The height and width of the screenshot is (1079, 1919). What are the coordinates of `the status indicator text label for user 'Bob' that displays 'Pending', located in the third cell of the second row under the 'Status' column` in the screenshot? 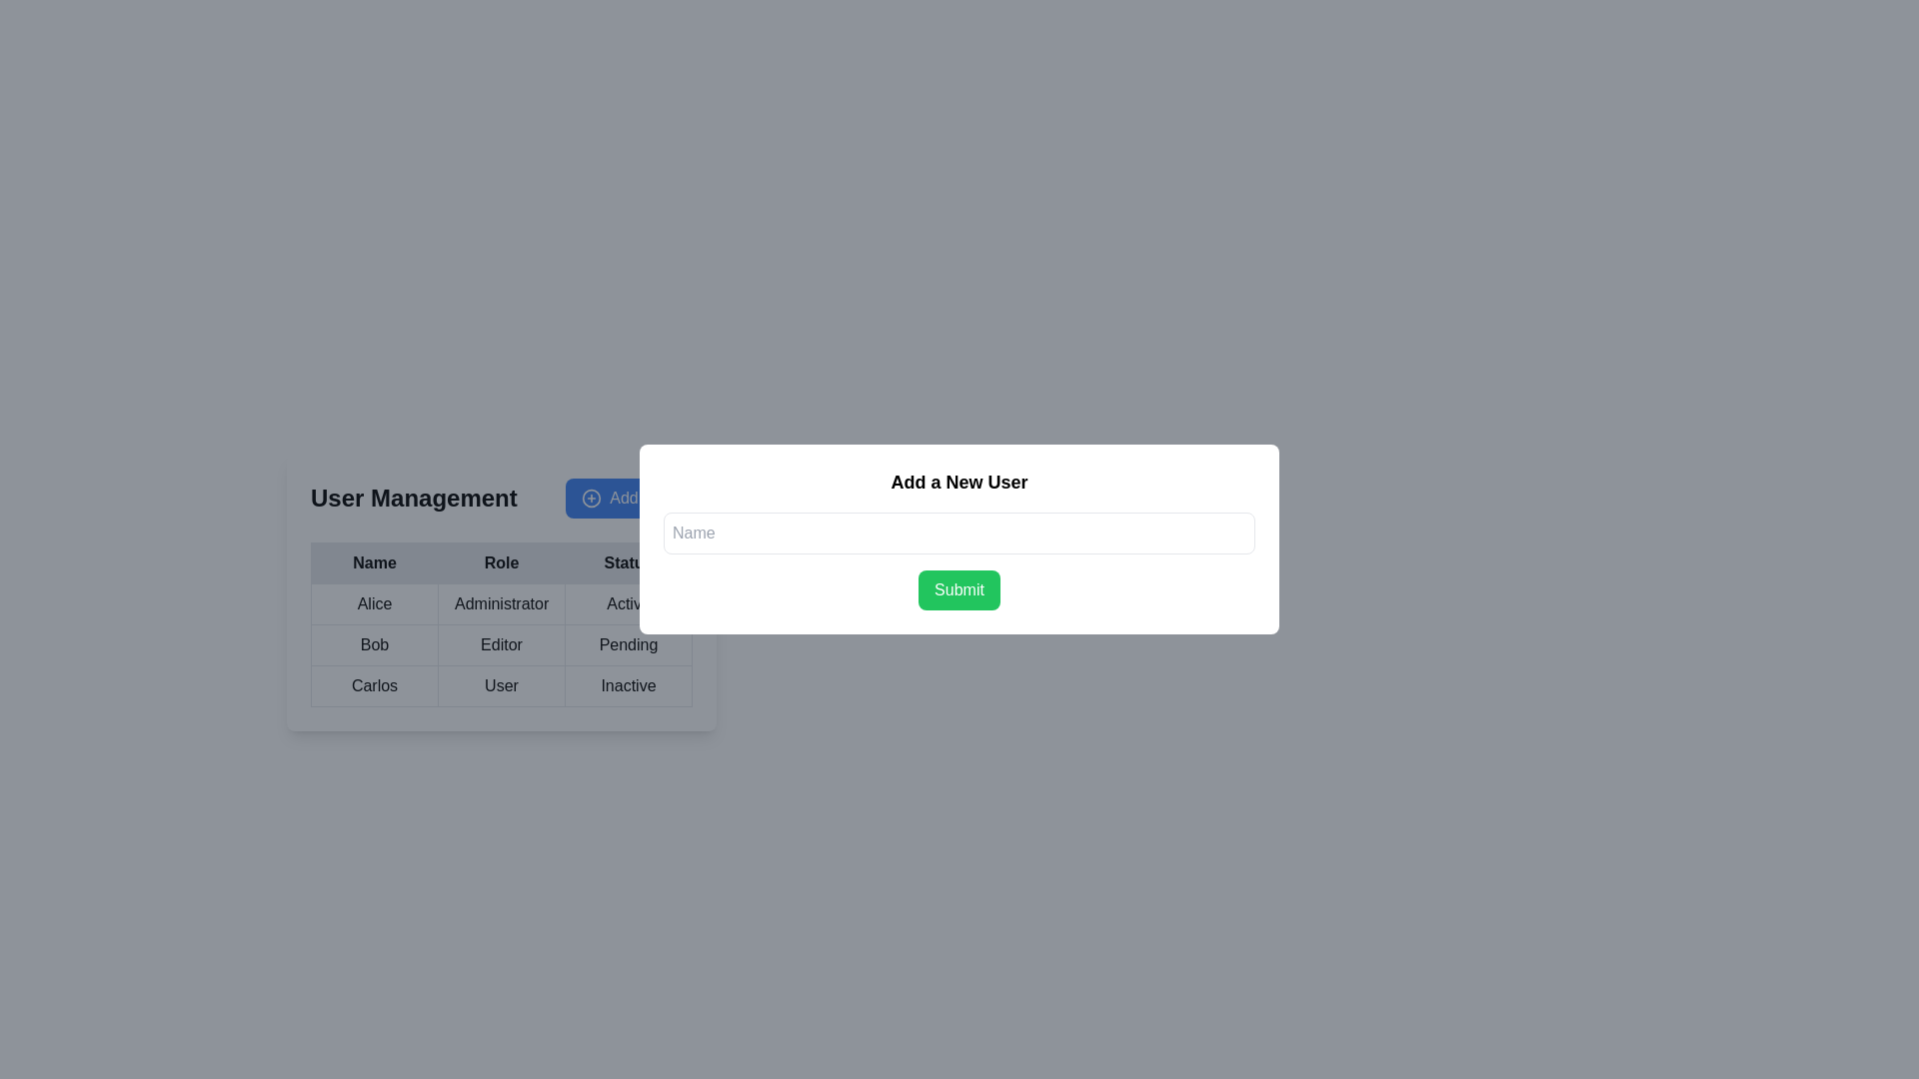 It's located at (627, 644).